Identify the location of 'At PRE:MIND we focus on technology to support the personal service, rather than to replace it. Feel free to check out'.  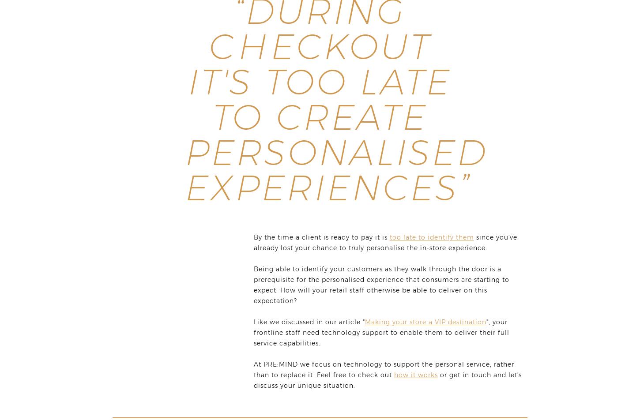
(383, 370).